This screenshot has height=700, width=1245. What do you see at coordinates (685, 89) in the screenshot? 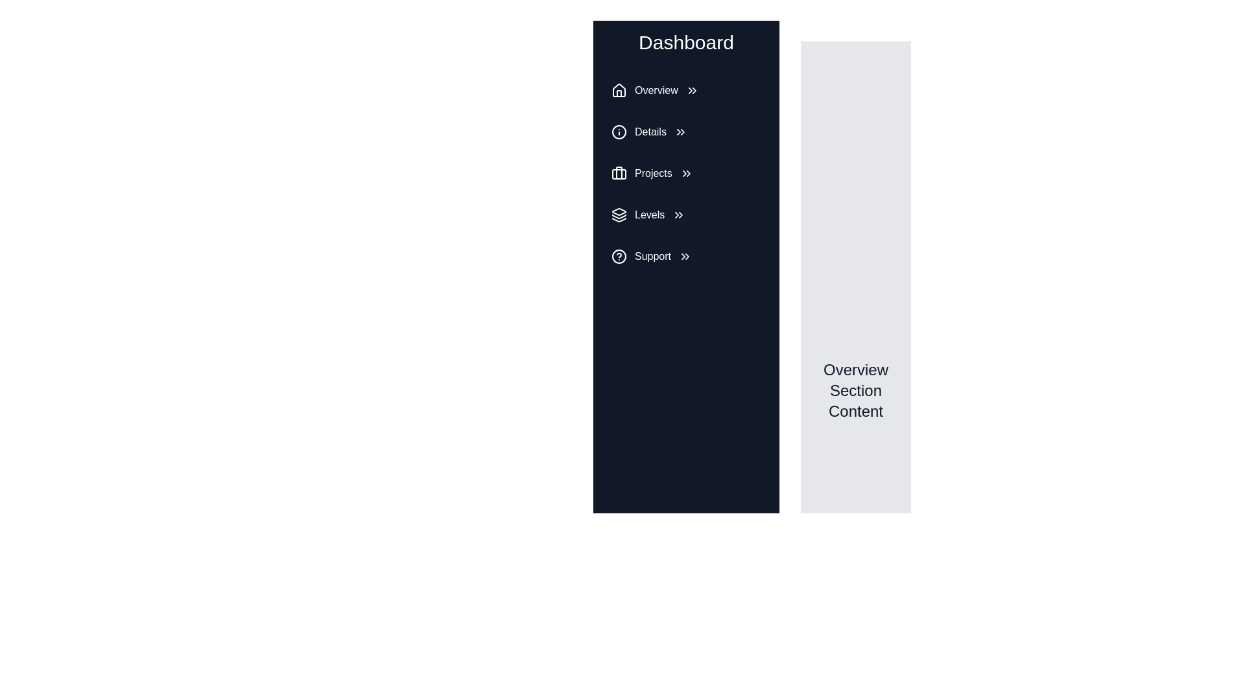
I see `the 'Overview' button, which is the first item in the vertical navigation menu of the 'Dashboard' sidebar, featuring a white house icon and a double-arrow icon` at bounding box center [685, 89].